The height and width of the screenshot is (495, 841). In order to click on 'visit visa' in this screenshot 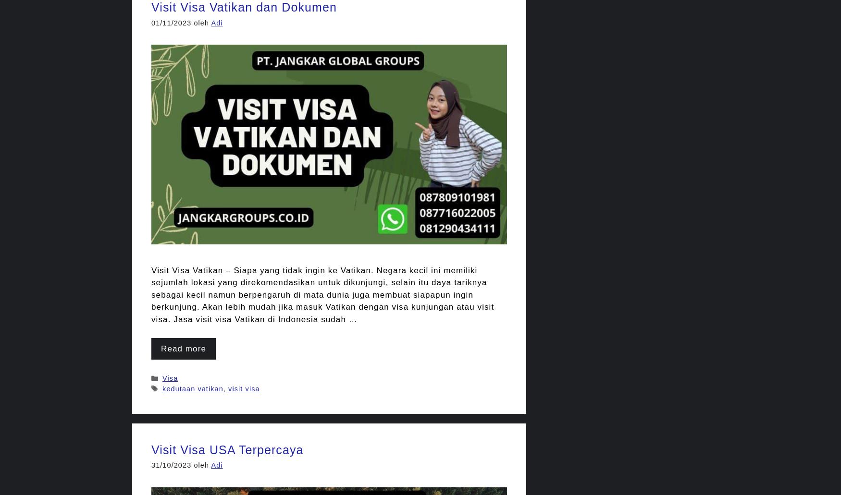, I will do `click(243, 388)`.